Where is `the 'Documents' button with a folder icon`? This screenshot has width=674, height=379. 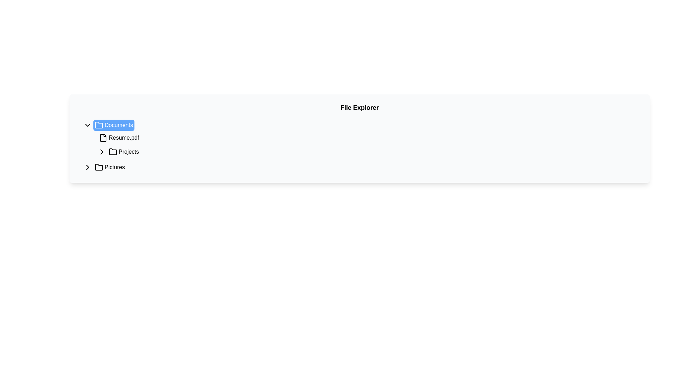 the 'Documents' button with a folder icon is located at coordinates (114, 125).